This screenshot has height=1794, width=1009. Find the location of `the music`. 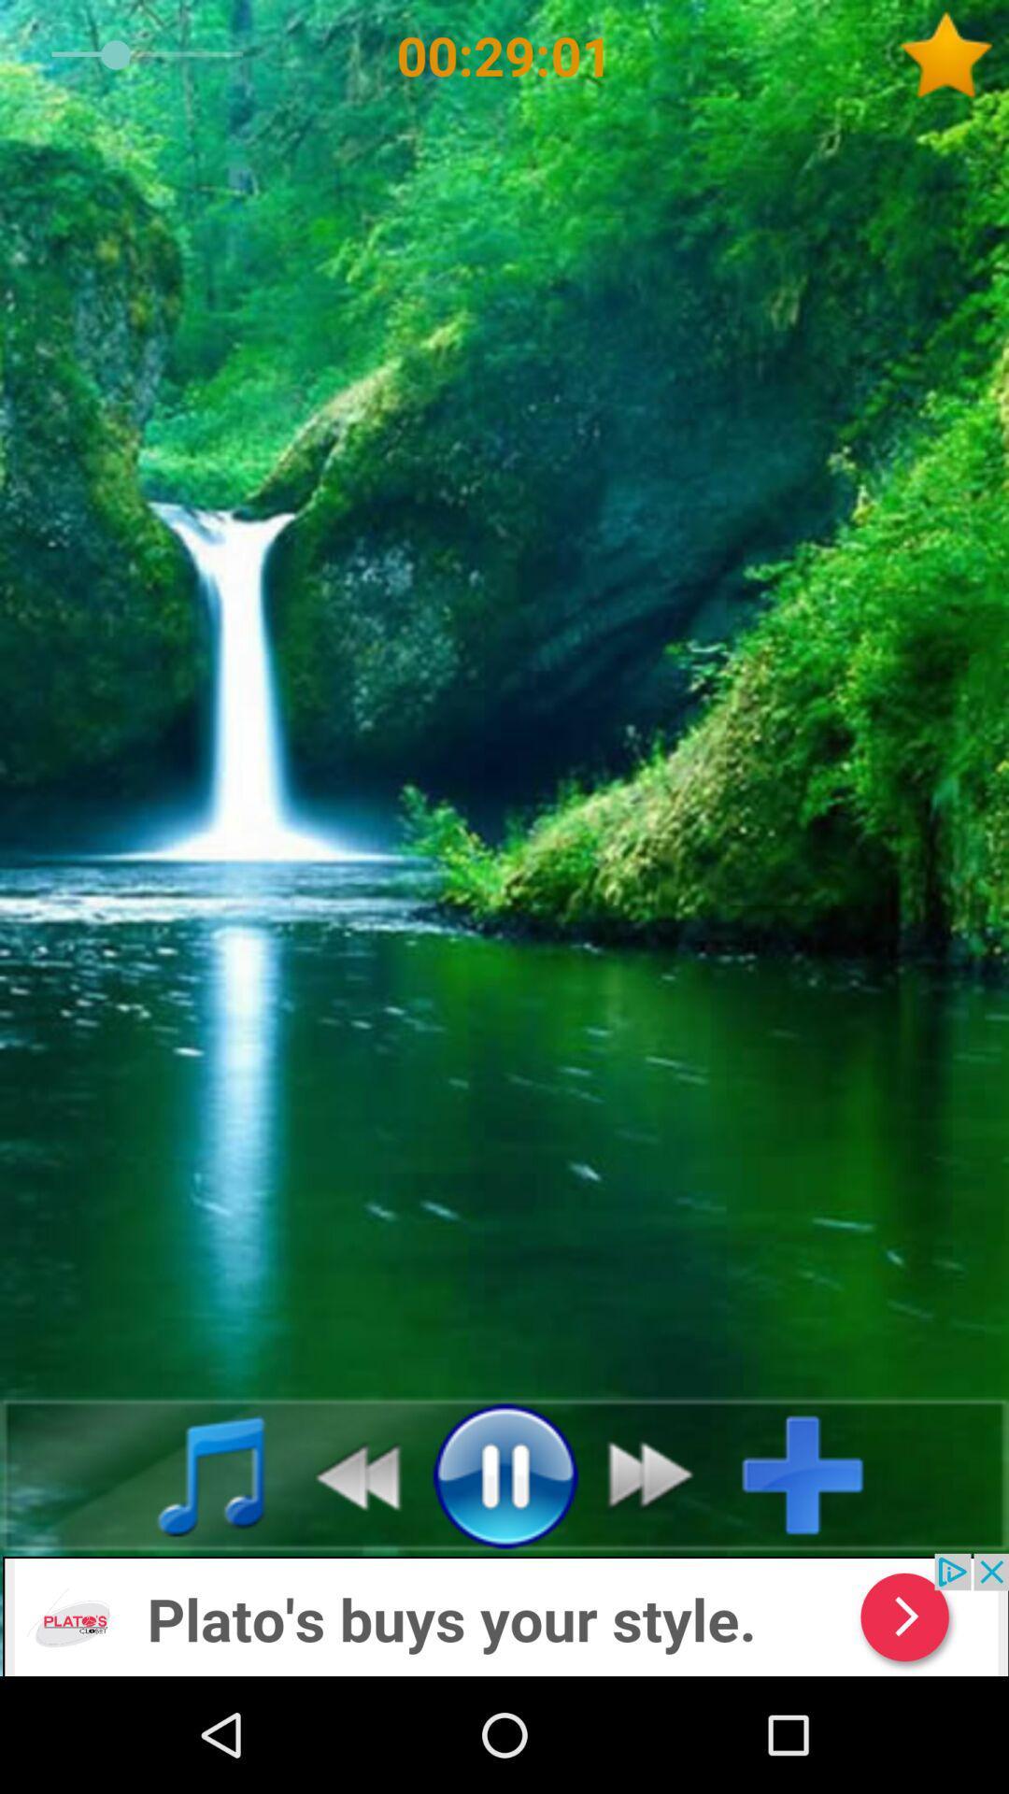

the music is located at coordinates (817, 1474).